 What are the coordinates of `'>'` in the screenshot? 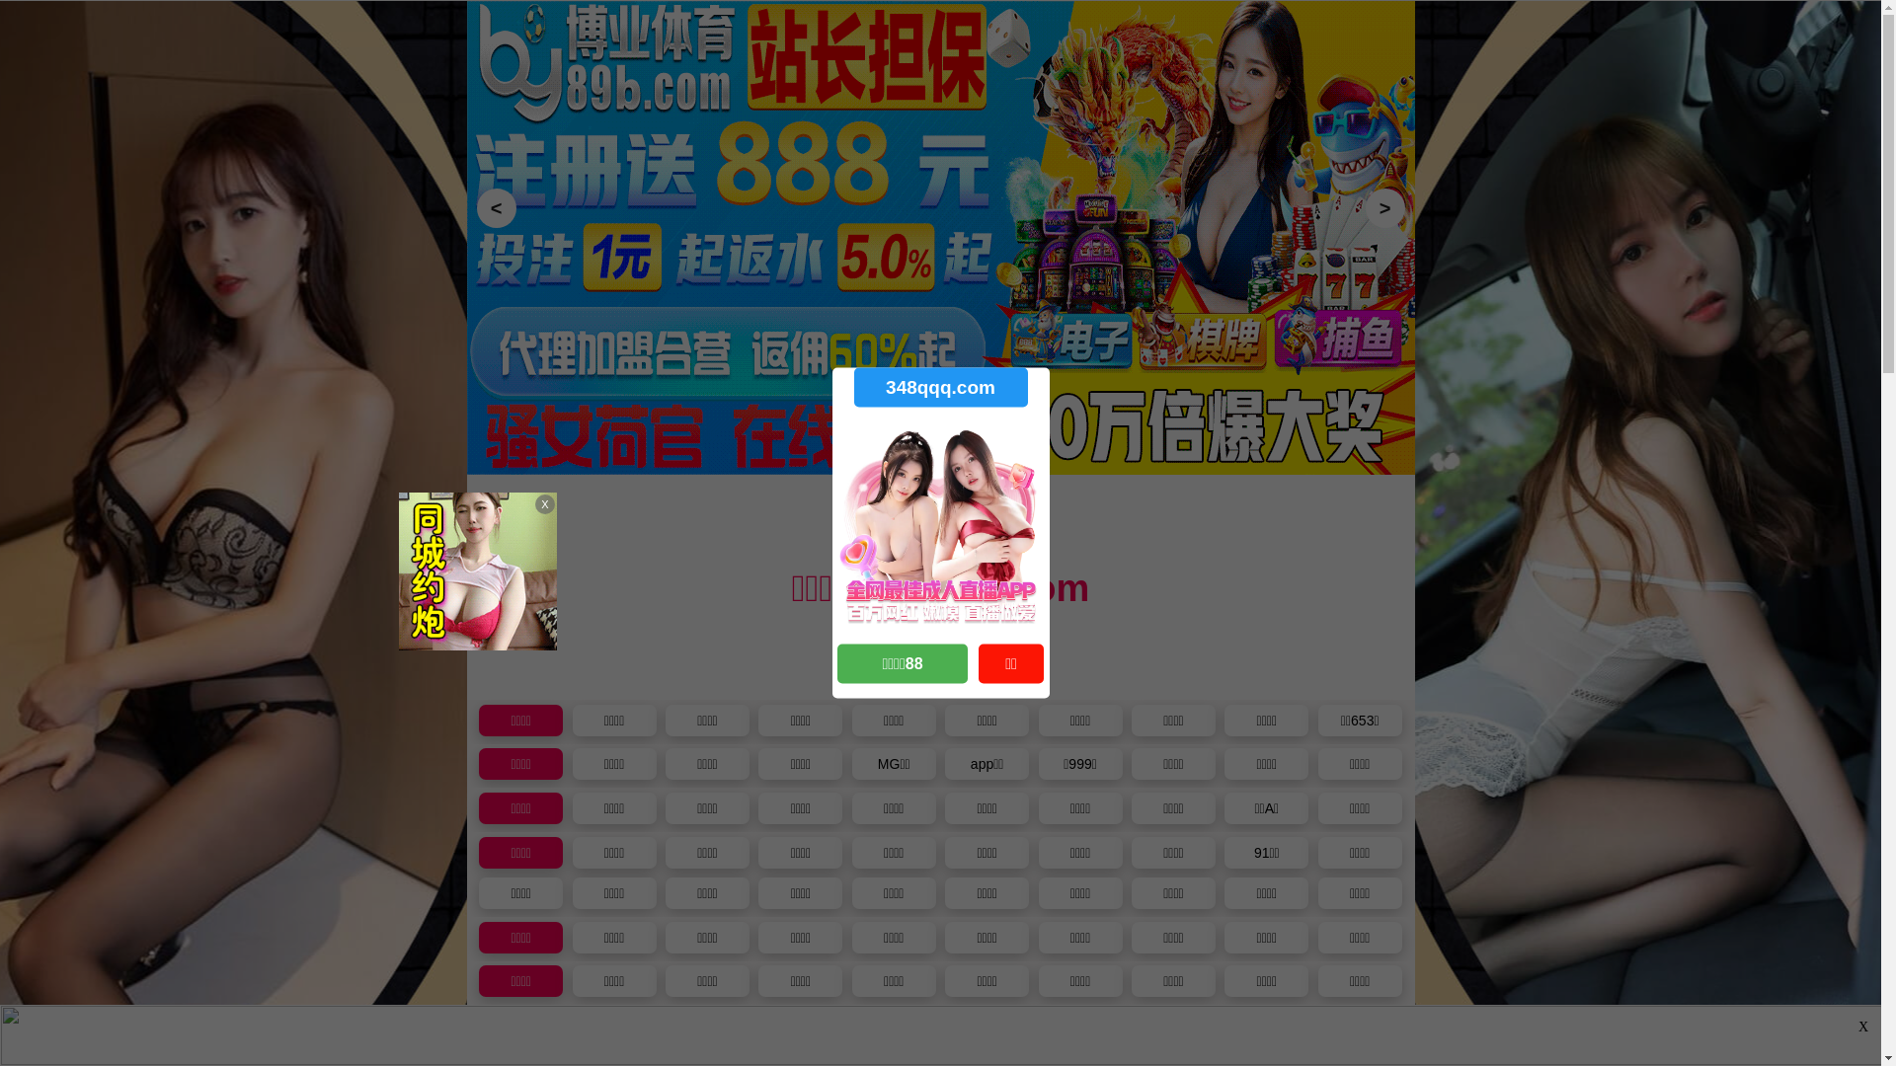 It's located at (1364, 208).